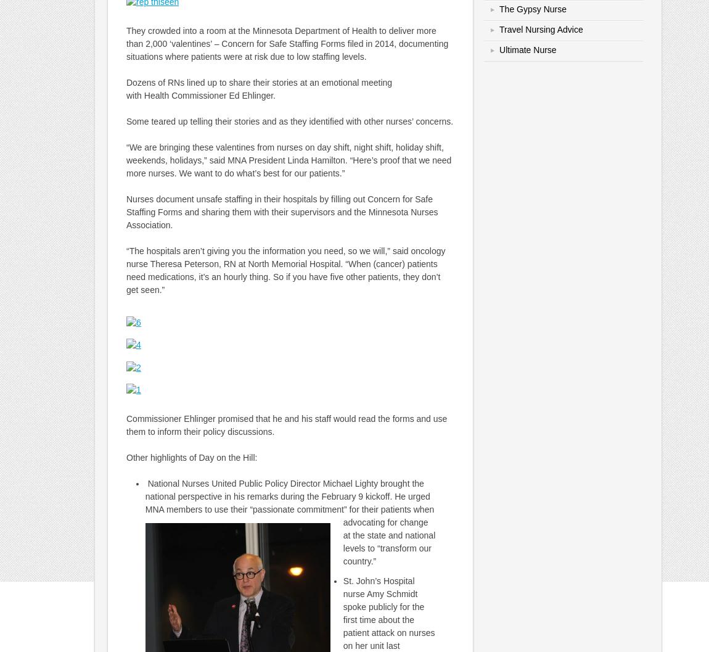  What do you see at coordinates (287, 497) in the screenshot?
I see `'National Nurses United Public Policy Director Michael Lighty brought the national perspective in his remarks during the February 9 kickoff. He urged MNA members to use their'` at bounding box center [287, 497].